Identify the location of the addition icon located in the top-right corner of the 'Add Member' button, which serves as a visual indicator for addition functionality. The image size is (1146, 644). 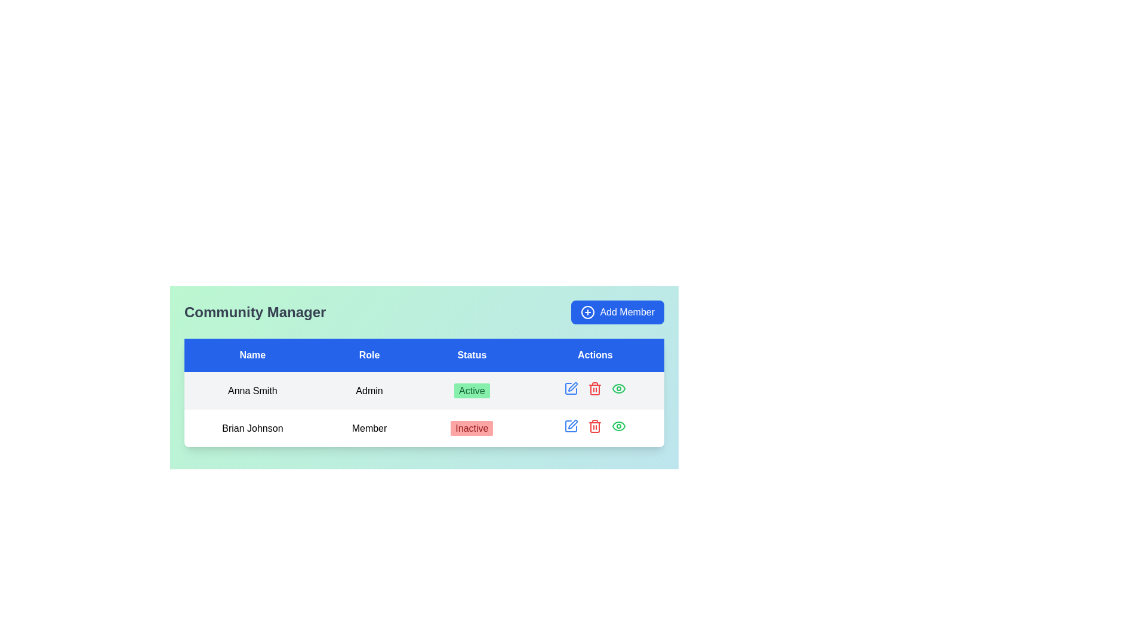
(588, 312).